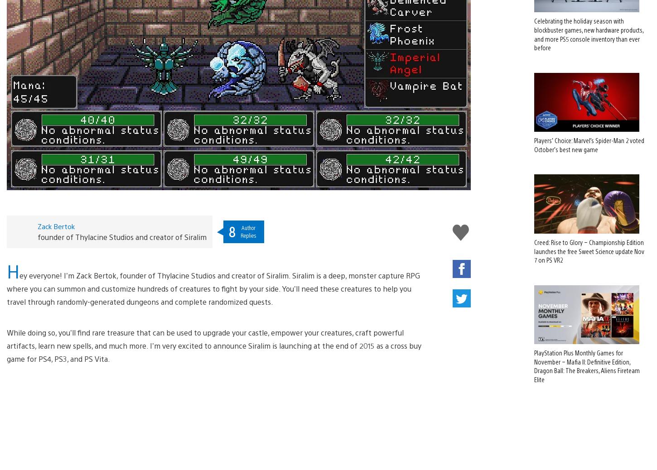 This screenshot has width=657, height=470. What do you see at coordinates (231, 216) in the screenshot?
I see `'8'` at bounding box center [231, 216].